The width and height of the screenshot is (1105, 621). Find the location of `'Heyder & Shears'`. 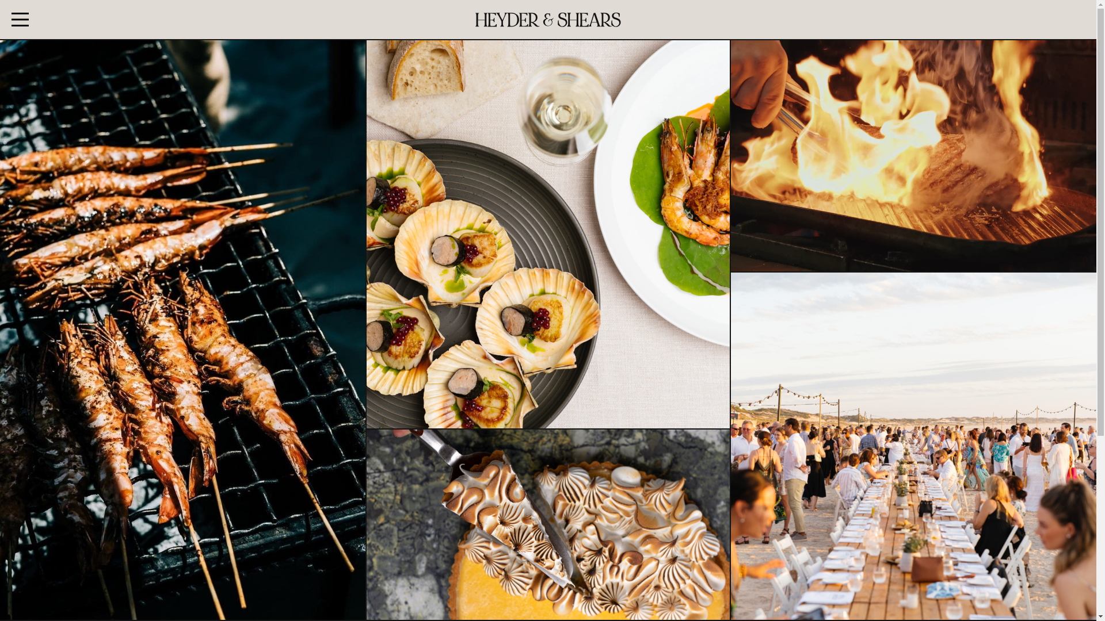

'Heyder & Shears' is located at coordinates (475, 20).